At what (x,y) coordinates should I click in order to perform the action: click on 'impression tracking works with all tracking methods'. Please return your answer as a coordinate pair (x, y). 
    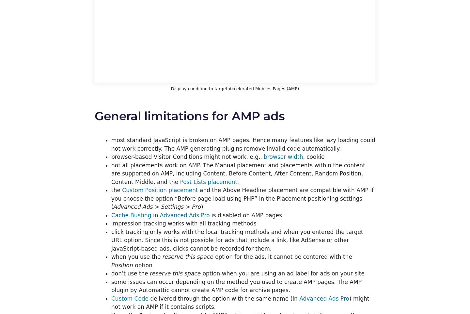
    Looking at the image, I should click on (184, 223).